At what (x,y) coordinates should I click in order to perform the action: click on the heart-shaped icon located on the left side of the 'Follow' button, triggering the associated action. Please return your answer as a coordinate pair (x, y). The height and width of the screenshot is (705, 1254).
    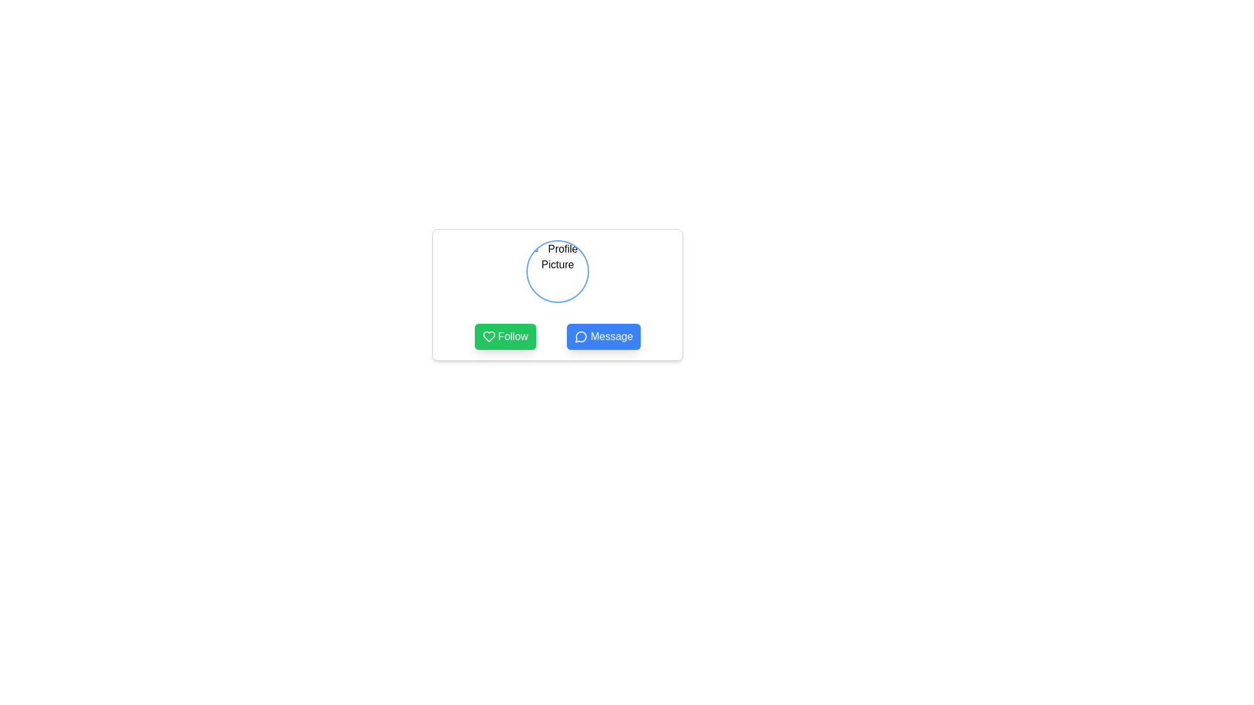
    Looking at the image, I should click on (488, 336).